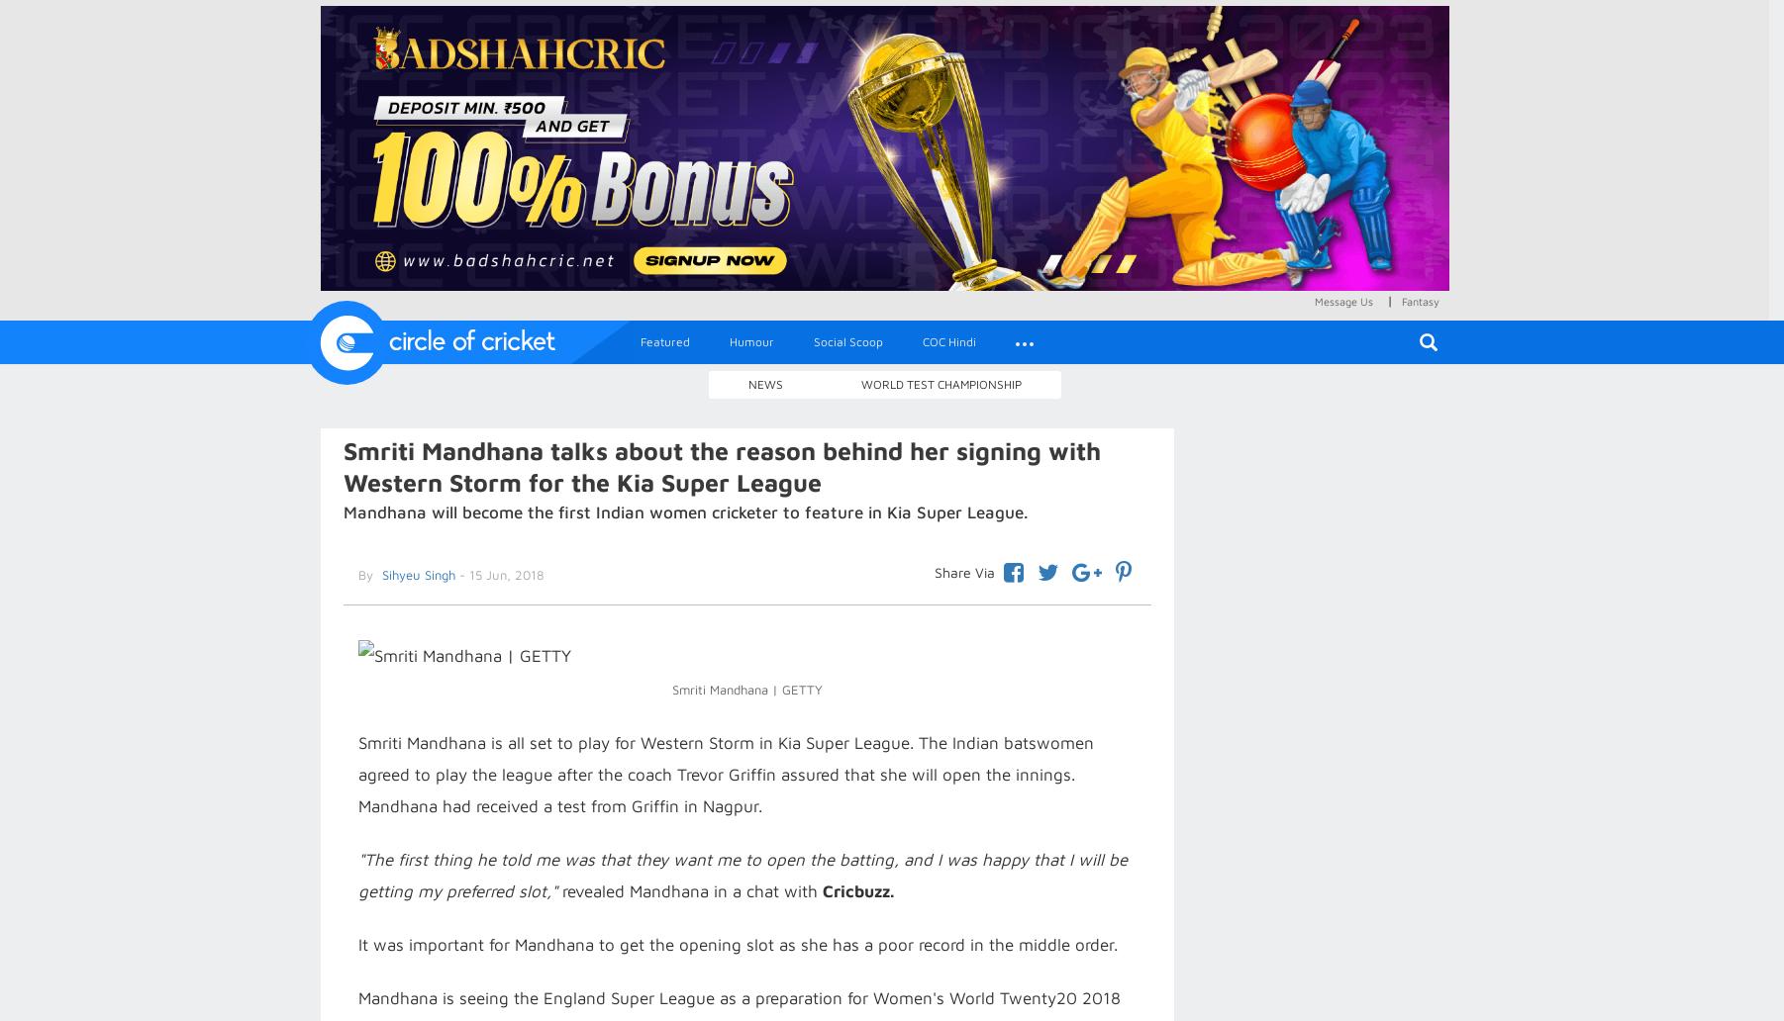  What do you see at coordinates (1342, 301) in the screenshot?
I see `'Message Us'` at bounding box center [1342, 301].